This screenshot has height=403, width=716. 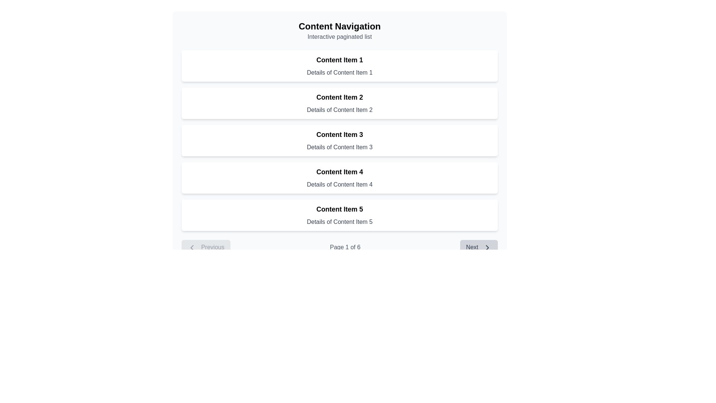 I want to click on content displayed on the fifth card in the 'Content Navigation' list, located below 'Content Item 4', so click(x=339, y=215).